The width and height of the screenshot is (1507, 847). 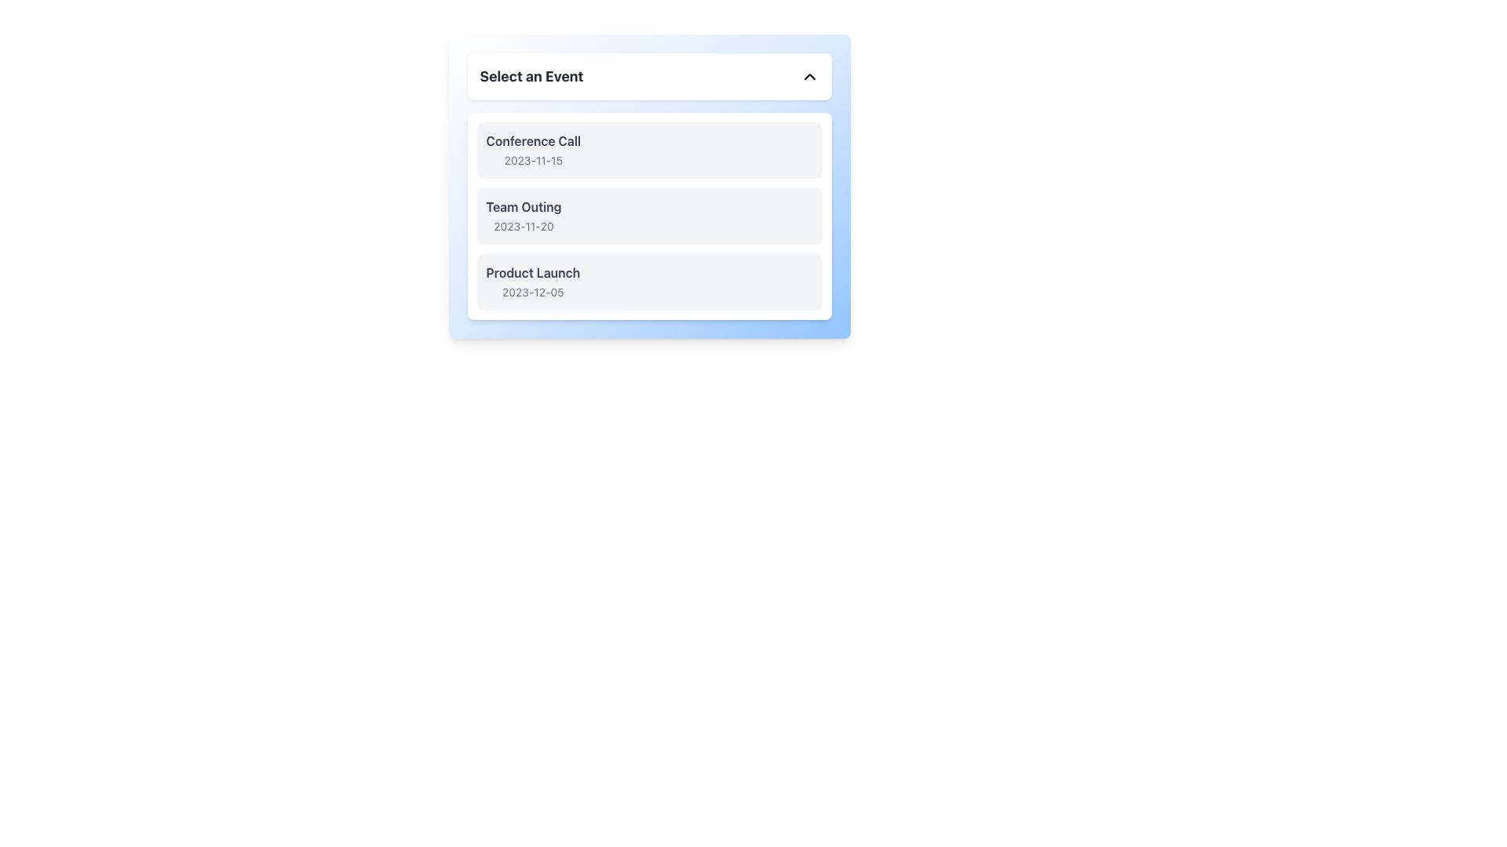 I want to click on the third item in the dropdown menu representing the event 'Product Launch', so click(x=649, y=281).